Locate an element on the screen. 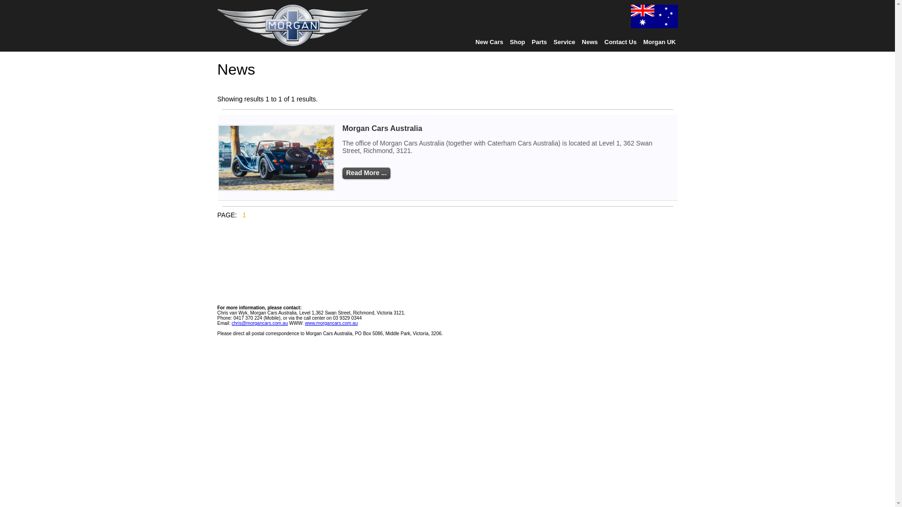  'New Cars' is located at coordinates (489, 41).